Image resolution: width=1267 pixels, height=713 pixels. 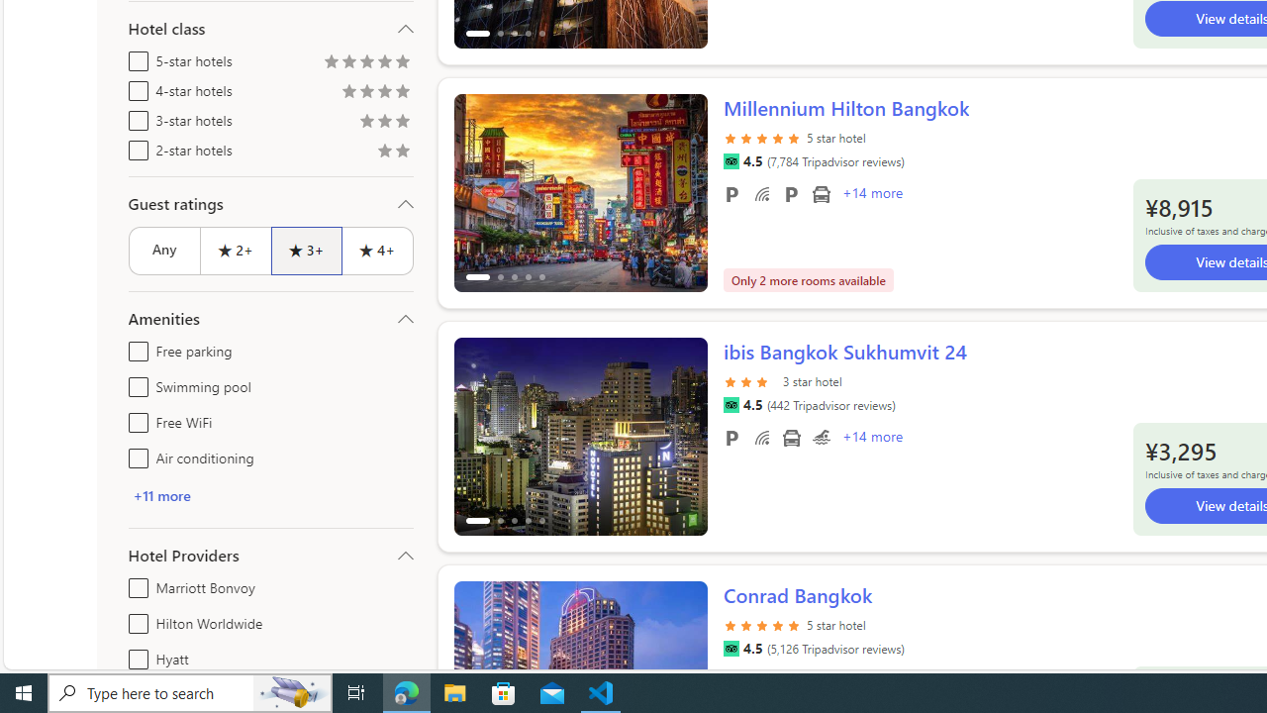 What do you see at coordinates (134, 455) in the screenshot?
I see `'Air conditioning'` at bounding box center [134, 455].